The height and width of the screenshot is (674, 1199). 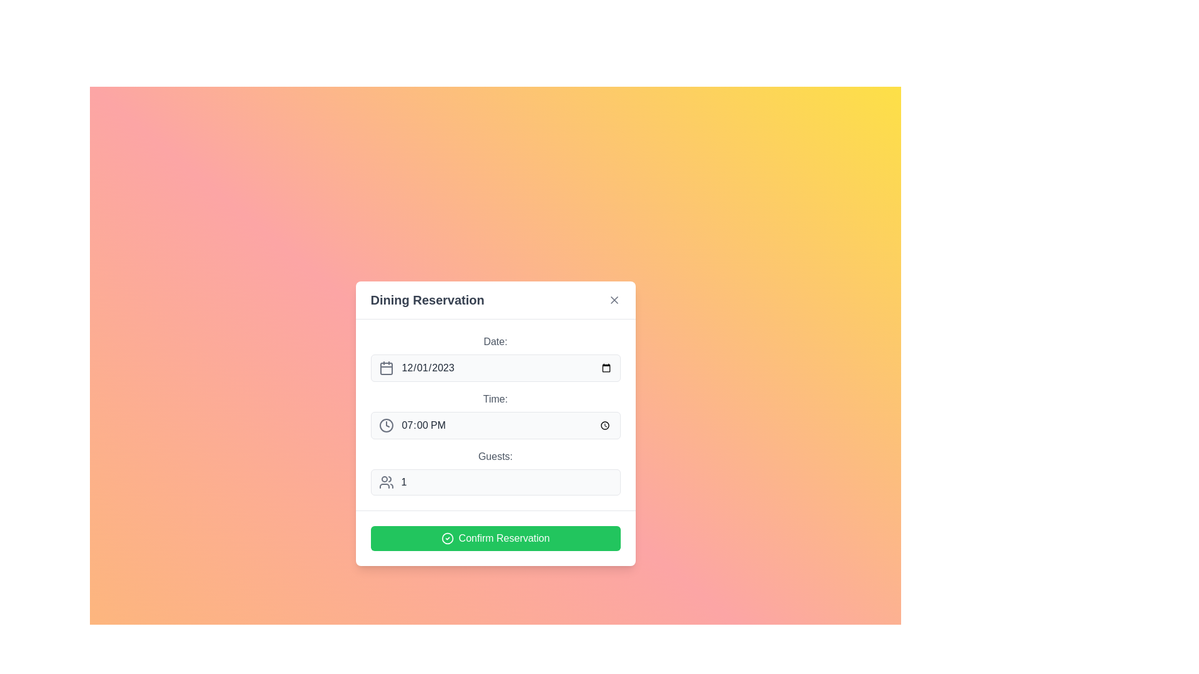 What do you see at coordinates (495, 537) in the screenshot?
I see `the confirmation button at the bottom of the 'Dining Reservation' dialog box to confirm the reservation` at bounding box center [495, 537].